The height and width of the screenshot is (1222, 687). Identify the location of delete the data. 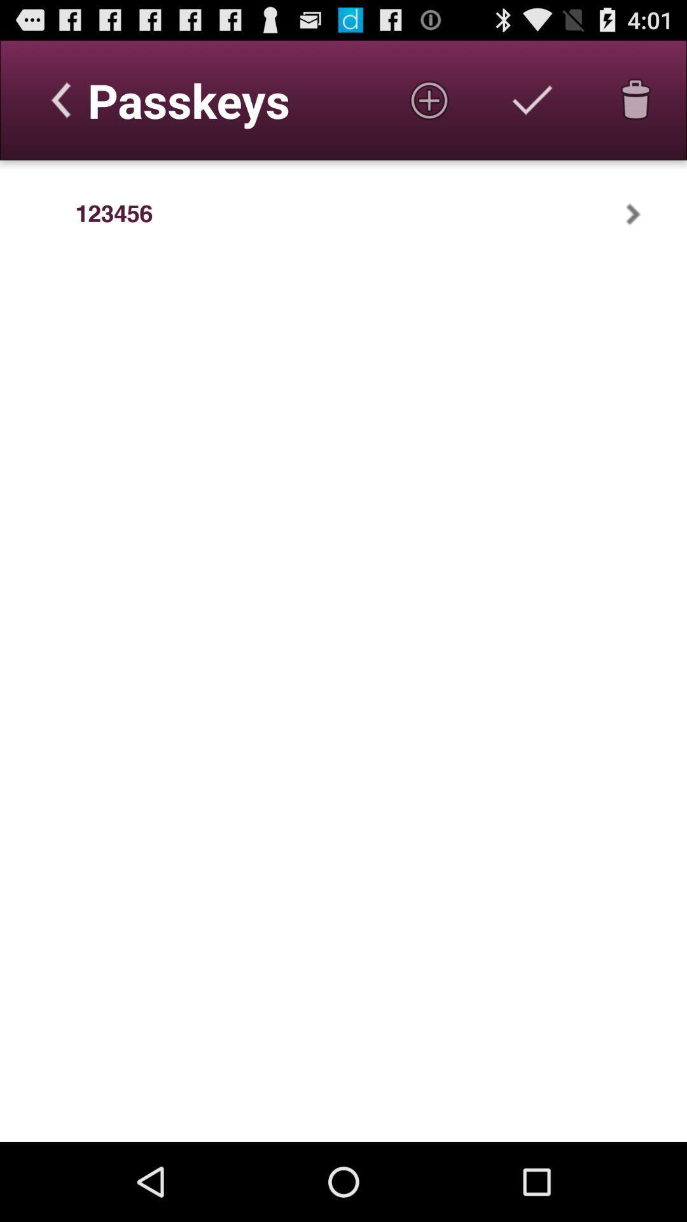
(635, 99).